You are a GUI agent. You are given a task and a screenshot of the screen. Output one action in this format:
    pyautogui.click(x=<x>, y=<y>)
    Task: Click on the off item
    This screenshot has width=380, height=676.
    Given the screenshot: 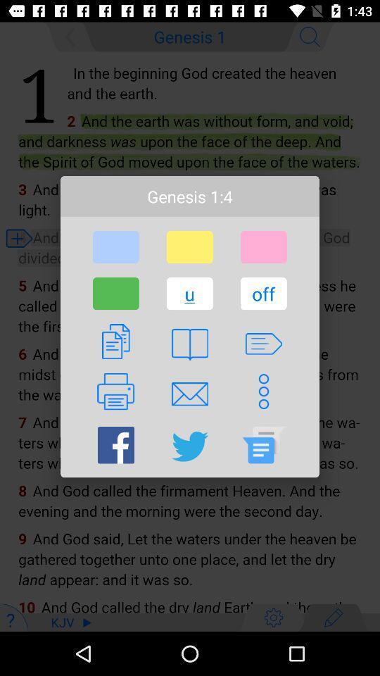 What is the action you would take?
    pyautogui.click(x=263, y=293)
    